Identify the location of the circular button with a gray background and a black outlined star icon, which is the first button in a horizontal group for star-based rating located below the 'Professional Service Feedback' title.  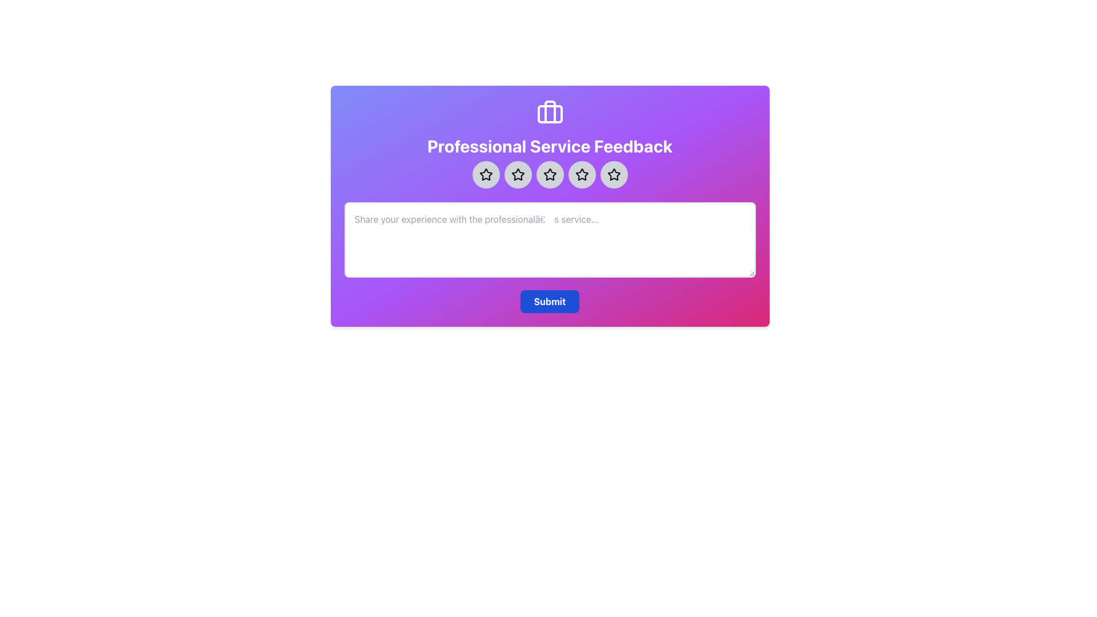
(486, 174).